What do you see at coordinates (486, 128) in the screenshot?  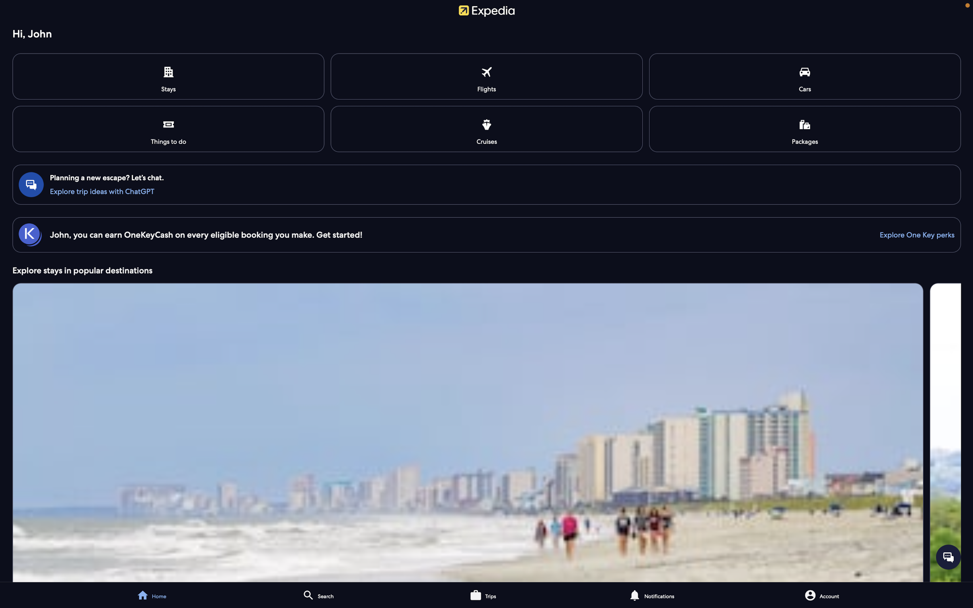 I see `Search and secure reservations for open cruise voyage spots` at bounding box center [486, 128].